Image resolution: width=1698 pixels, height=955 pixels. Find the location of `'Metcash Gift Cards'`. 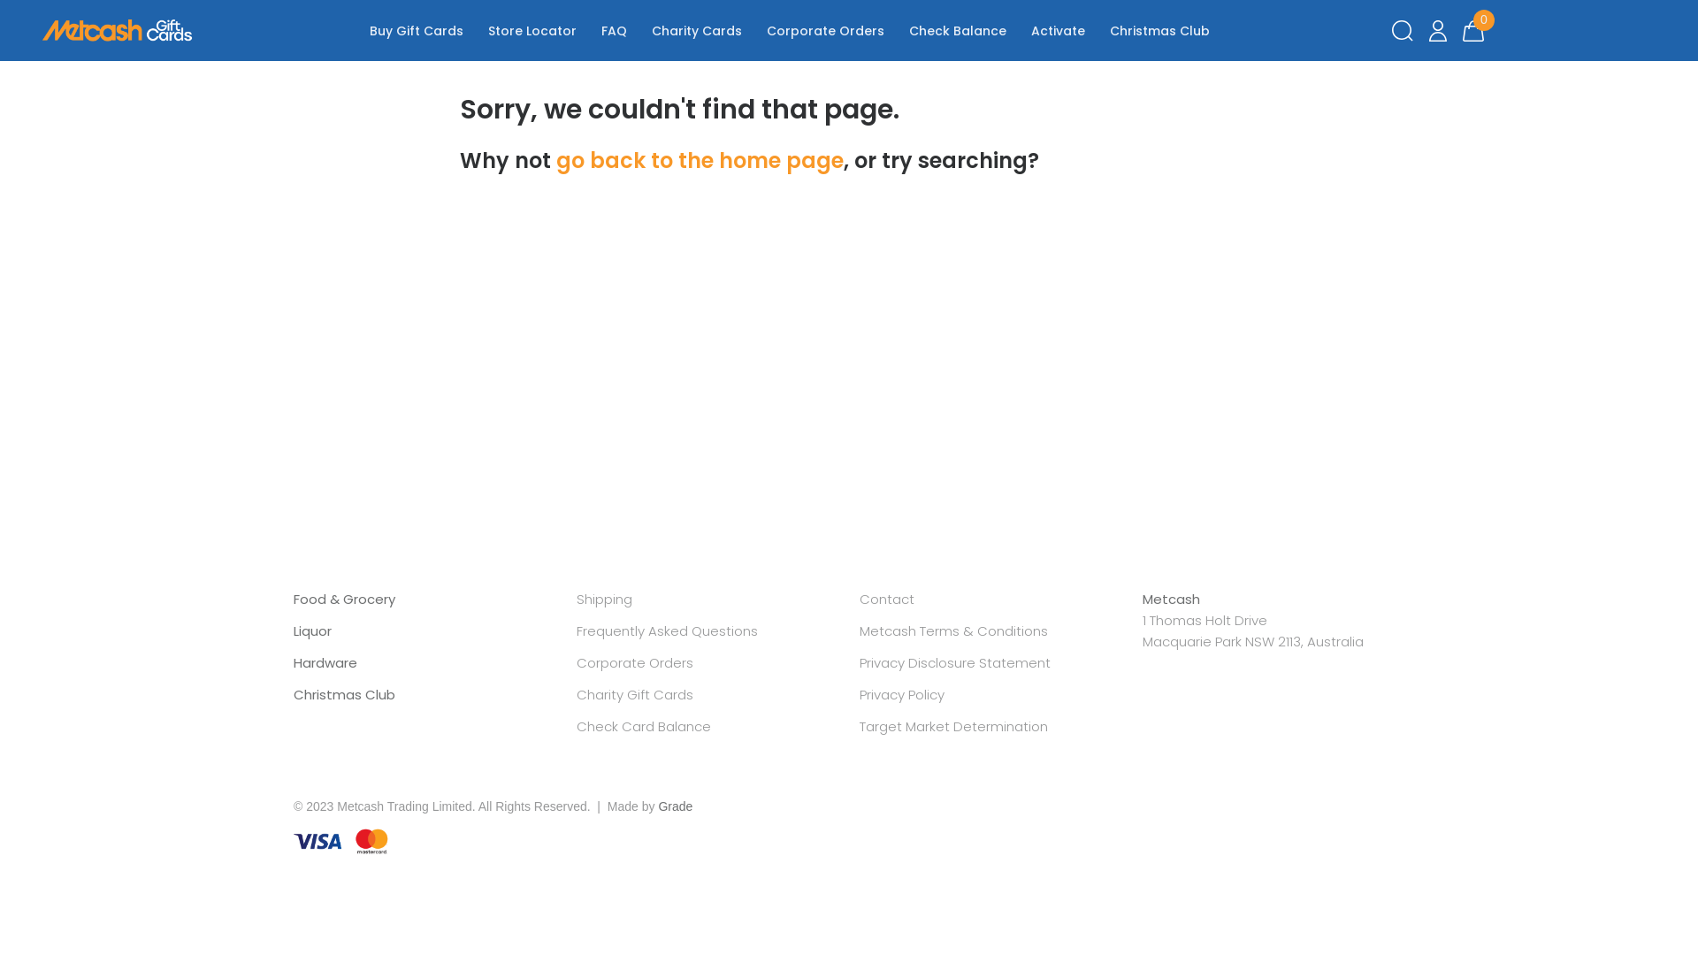

'Metcash Gift Cards' is located at coordinates (42, 30).